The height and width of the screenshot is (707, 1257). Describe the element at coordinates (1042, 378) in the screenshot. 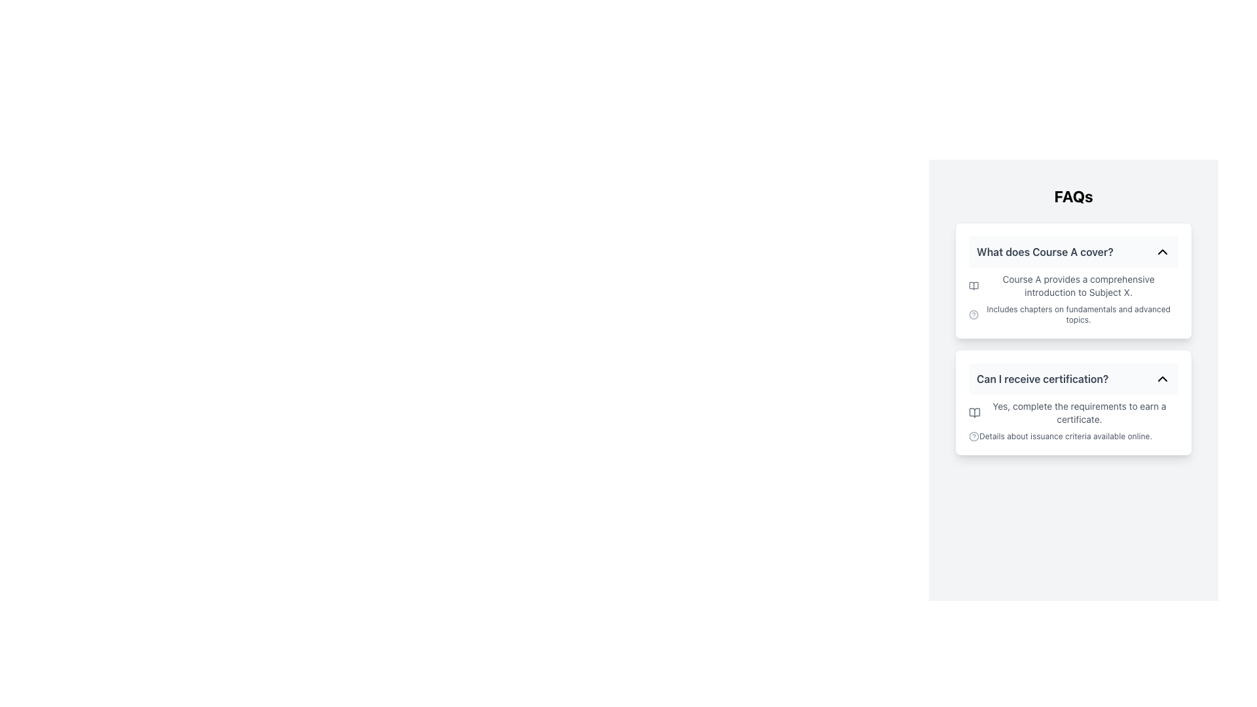

I see `the content of the text label located in the second collapsible section of the FAQ list, which serves as a summary or label for the section` at that location.